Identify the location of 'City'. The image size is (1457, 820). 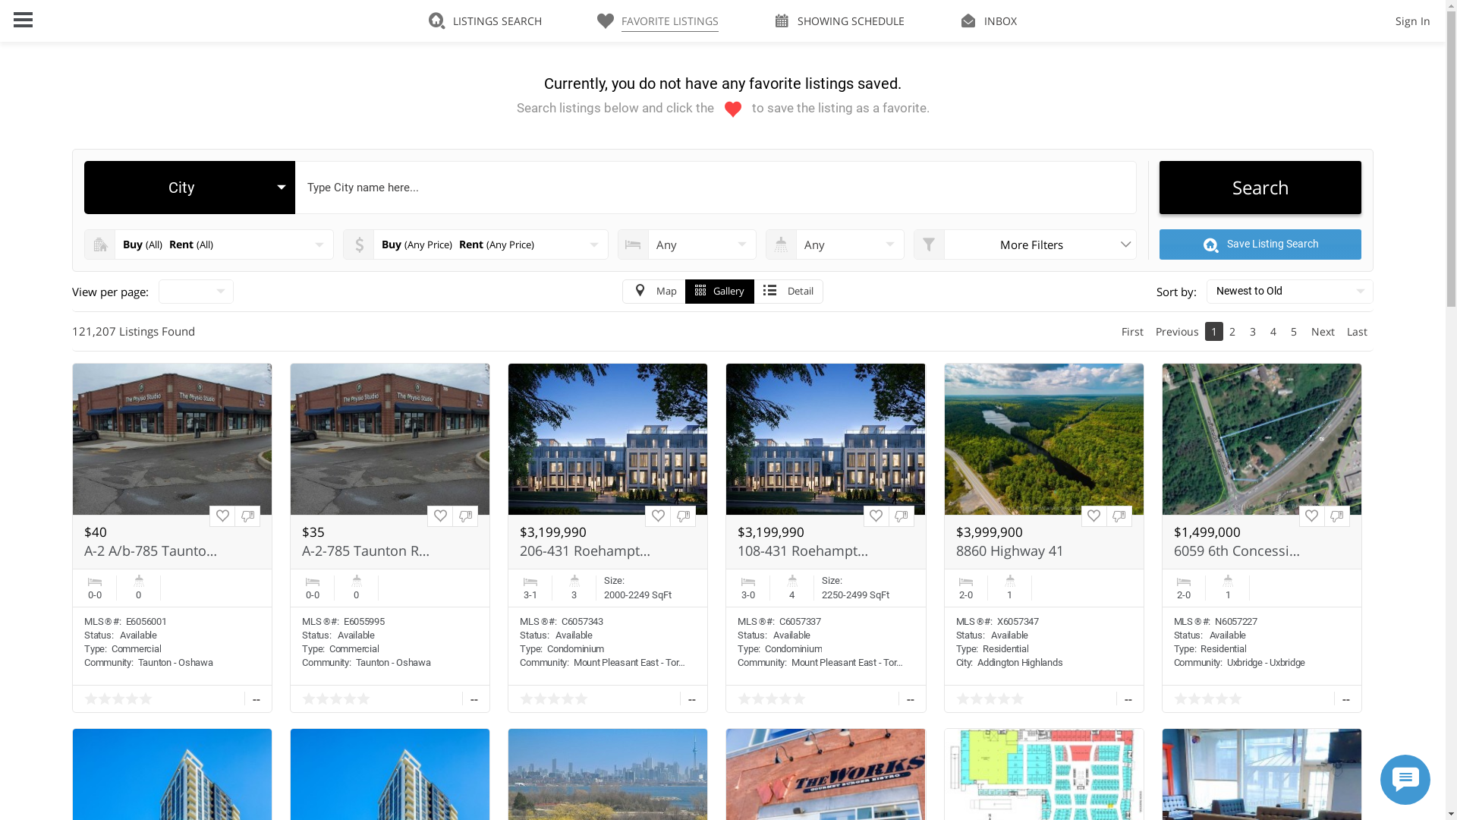
(188, 186).